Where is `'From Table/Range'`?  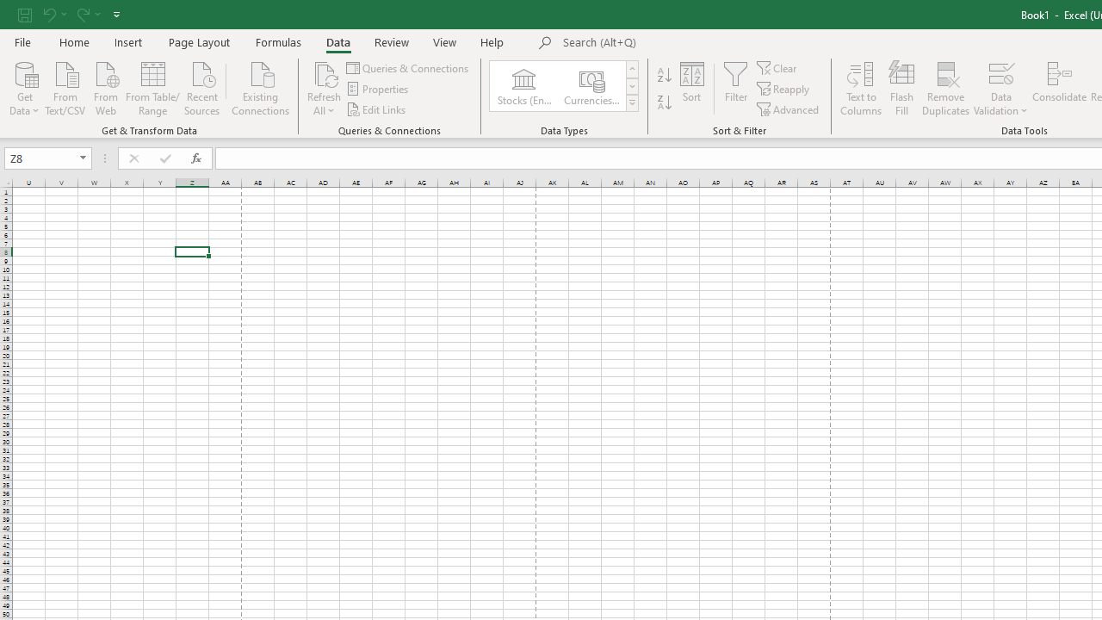 'From Table/Range' is located at coordinates (152, 87).